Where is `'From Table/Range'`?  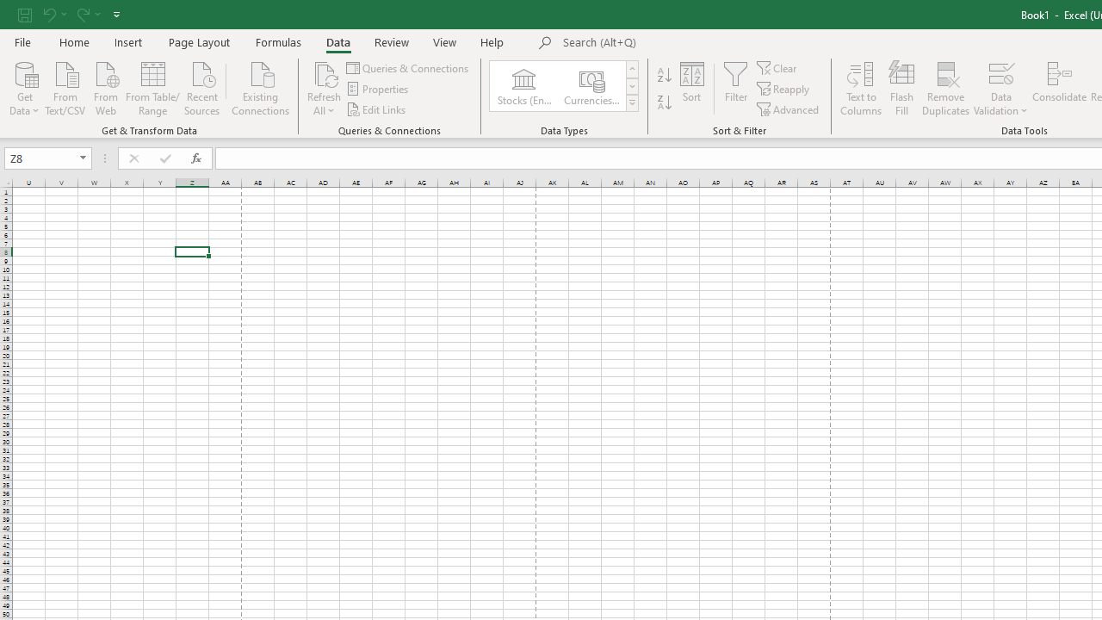 'From Table/Range' is located at coordinates (152, 87).